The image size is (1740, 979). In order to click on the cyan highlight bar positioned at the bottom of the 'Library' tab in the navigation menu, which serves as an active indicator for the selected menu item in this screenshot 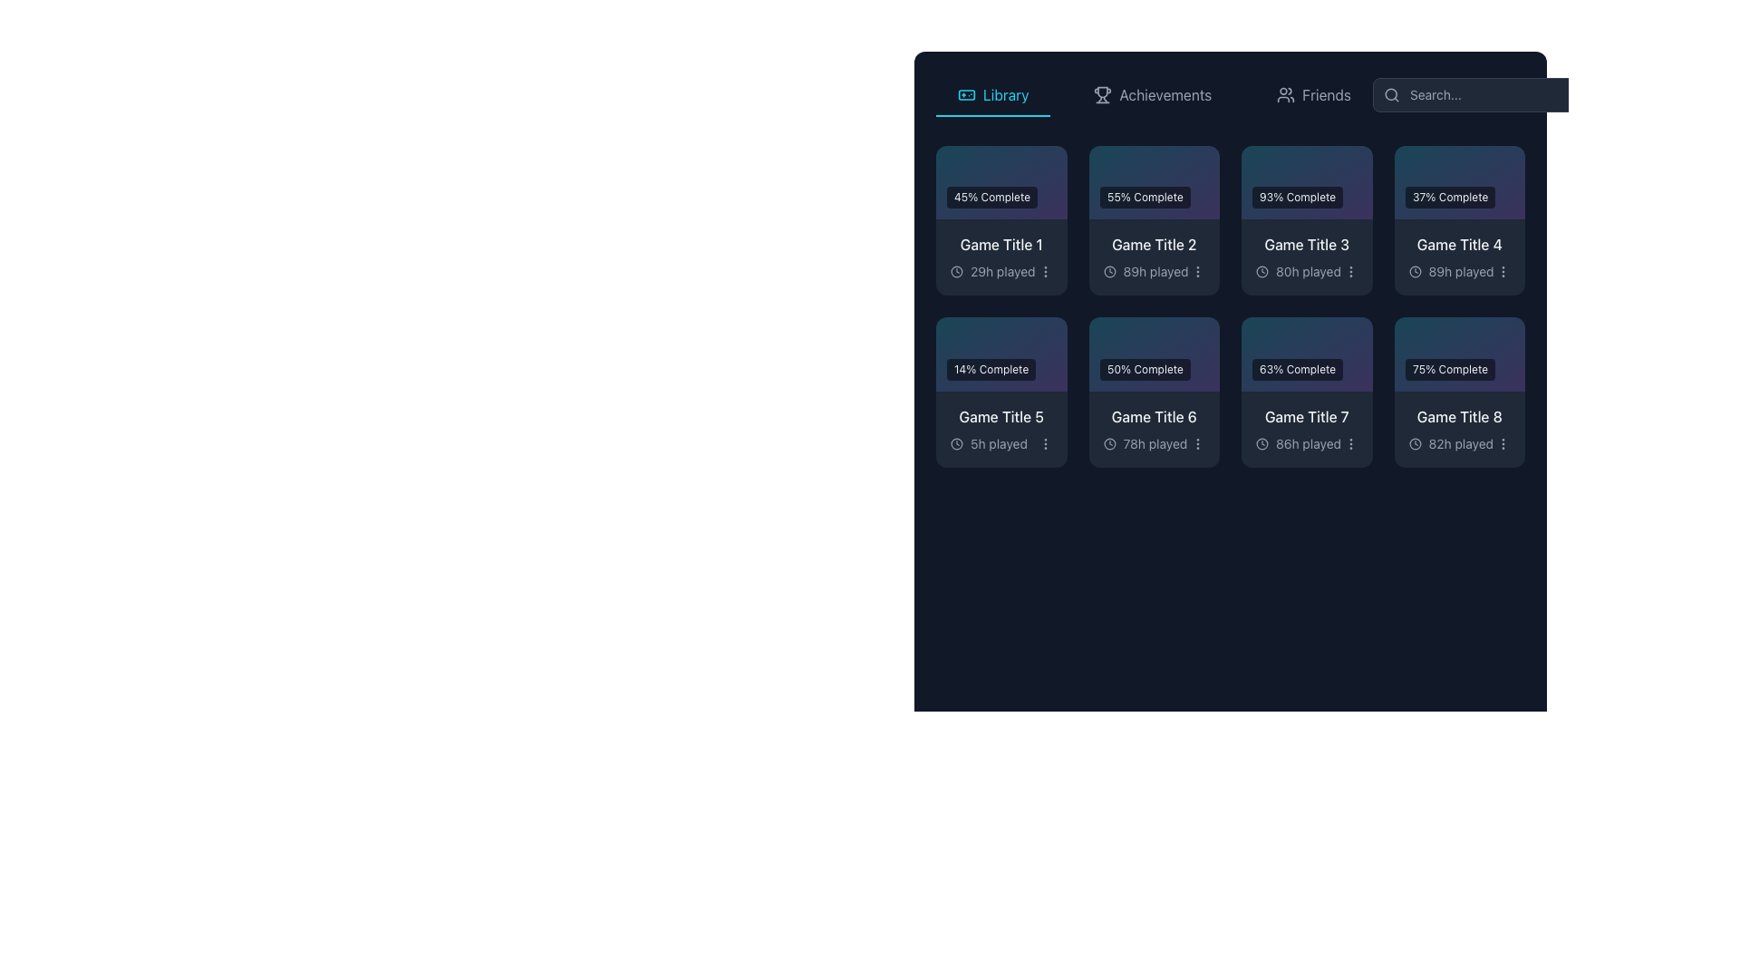, I will do `click(992, 115)`.